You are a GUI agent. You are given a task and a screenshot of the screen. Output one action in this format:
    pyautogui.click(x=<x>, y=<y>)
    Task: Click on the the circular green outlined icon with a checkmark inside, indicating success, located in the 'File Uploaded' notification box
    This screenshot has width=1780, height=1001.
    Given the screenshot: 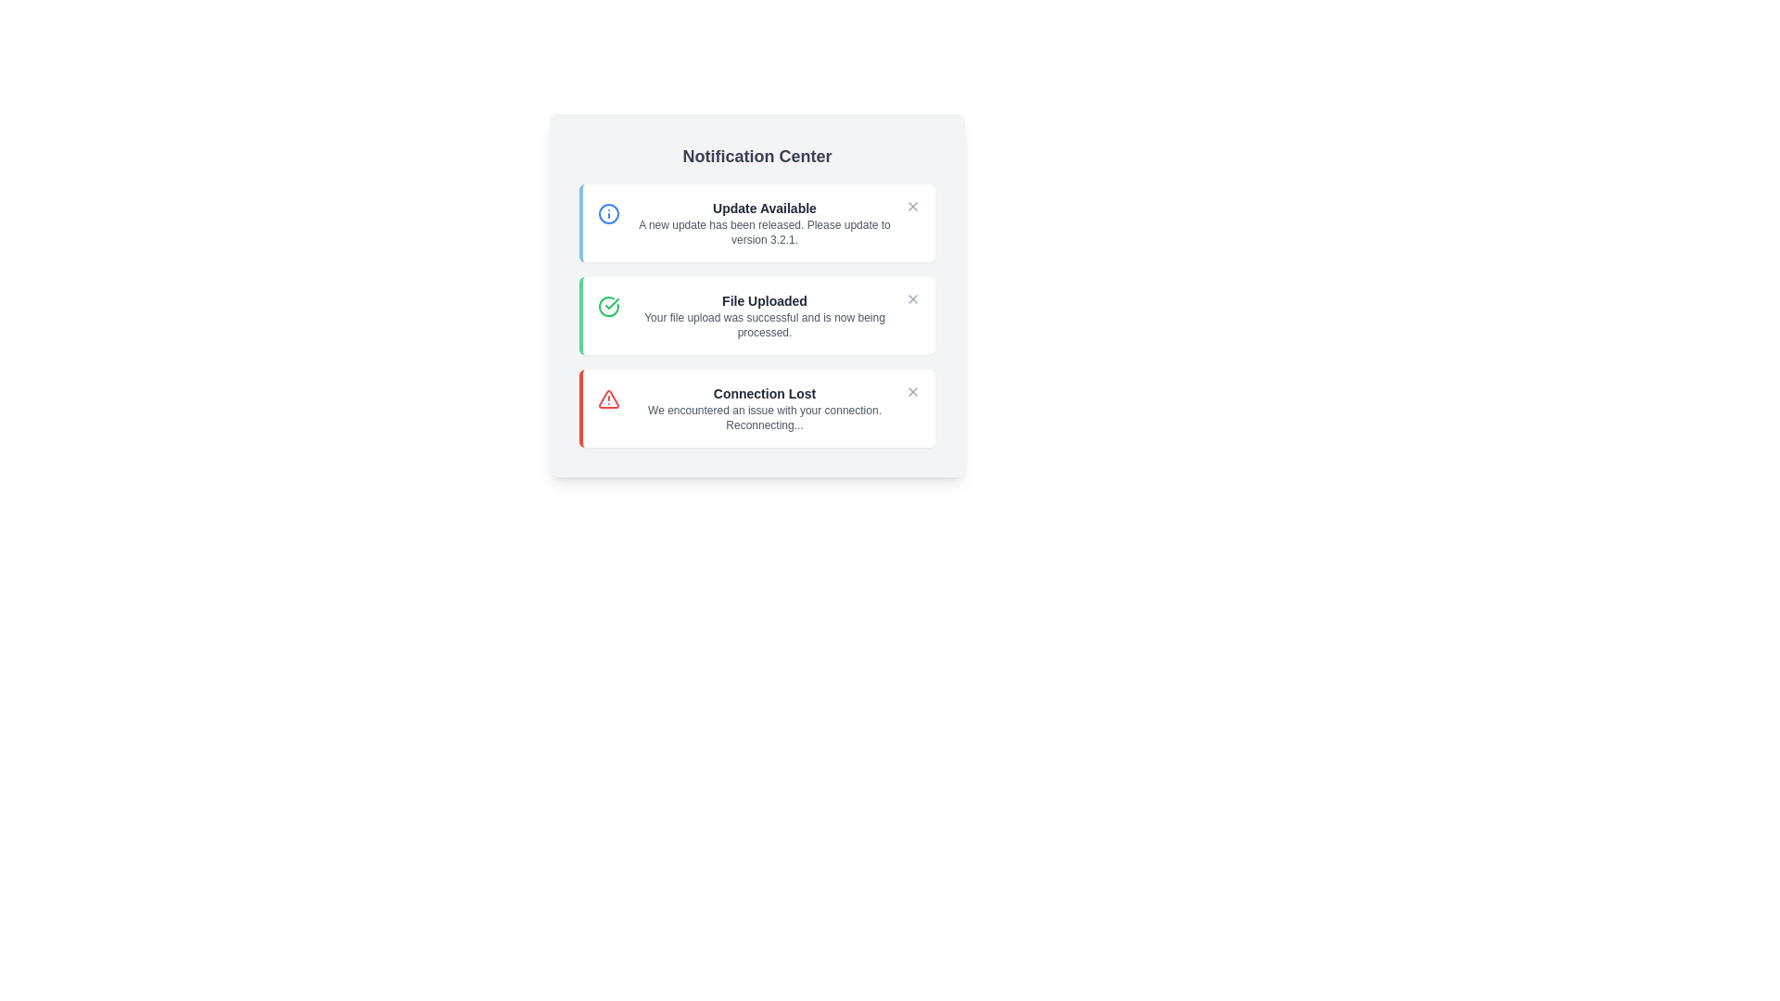 What is the action you would take?
    pyautogui.click(x=609, y=306)
    